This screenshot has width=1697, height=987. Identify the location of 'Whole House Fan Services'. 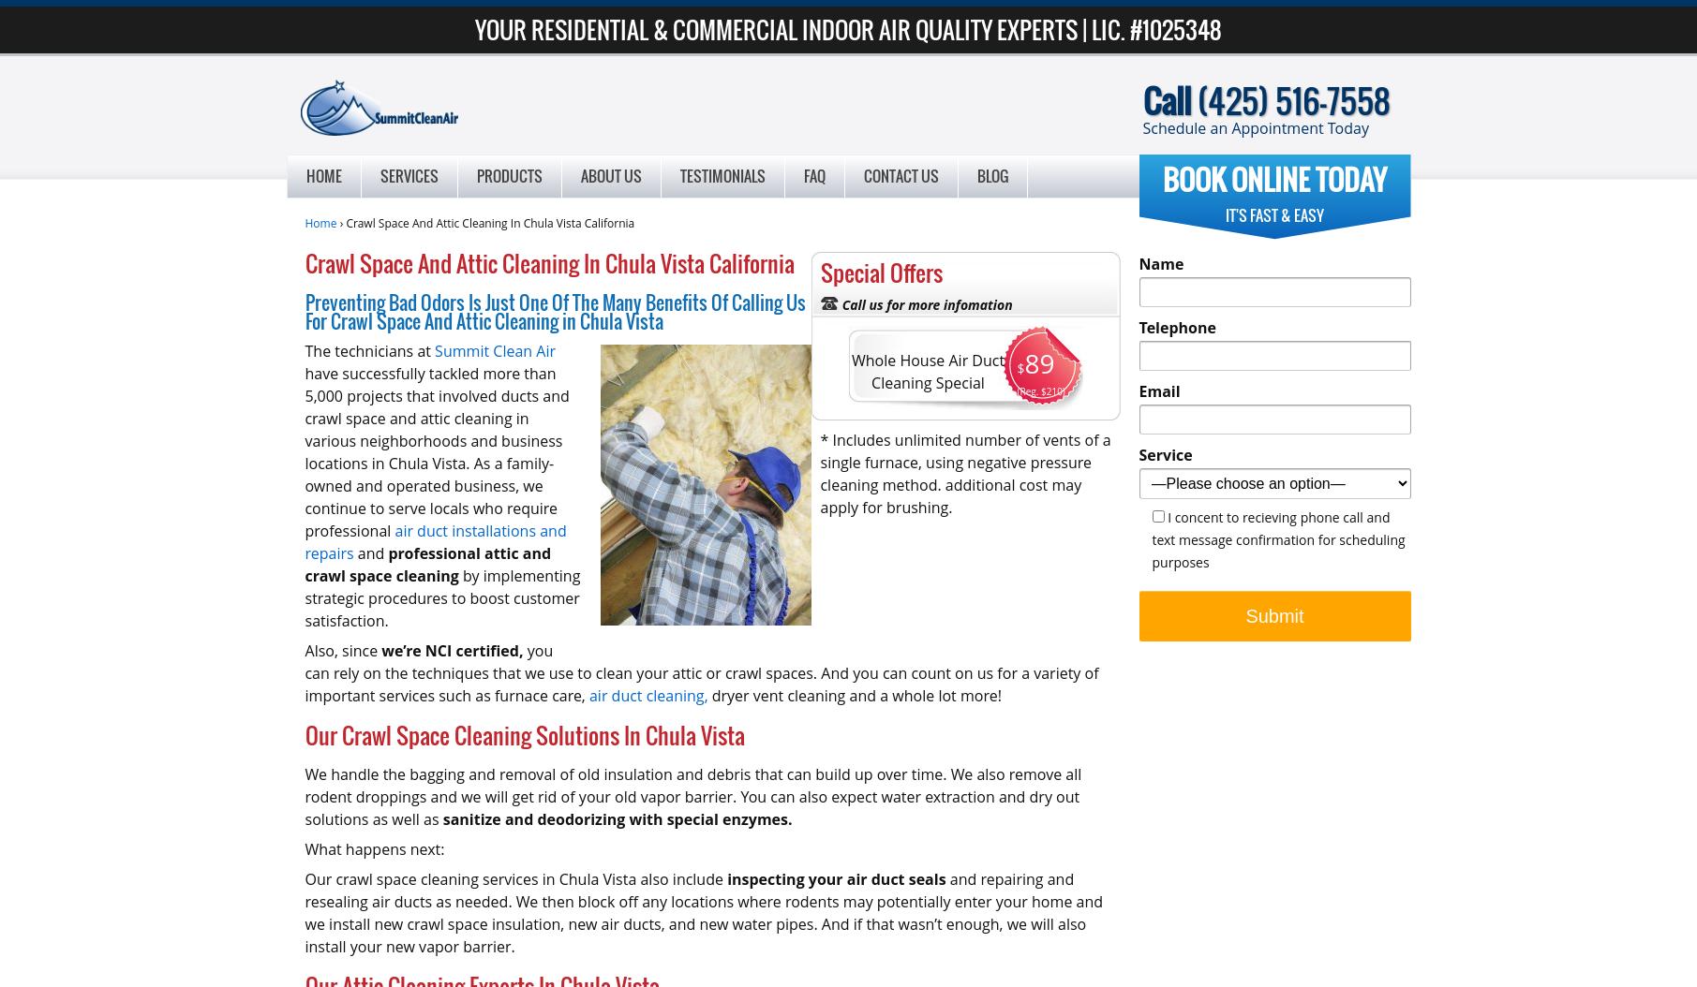
(379, 404).